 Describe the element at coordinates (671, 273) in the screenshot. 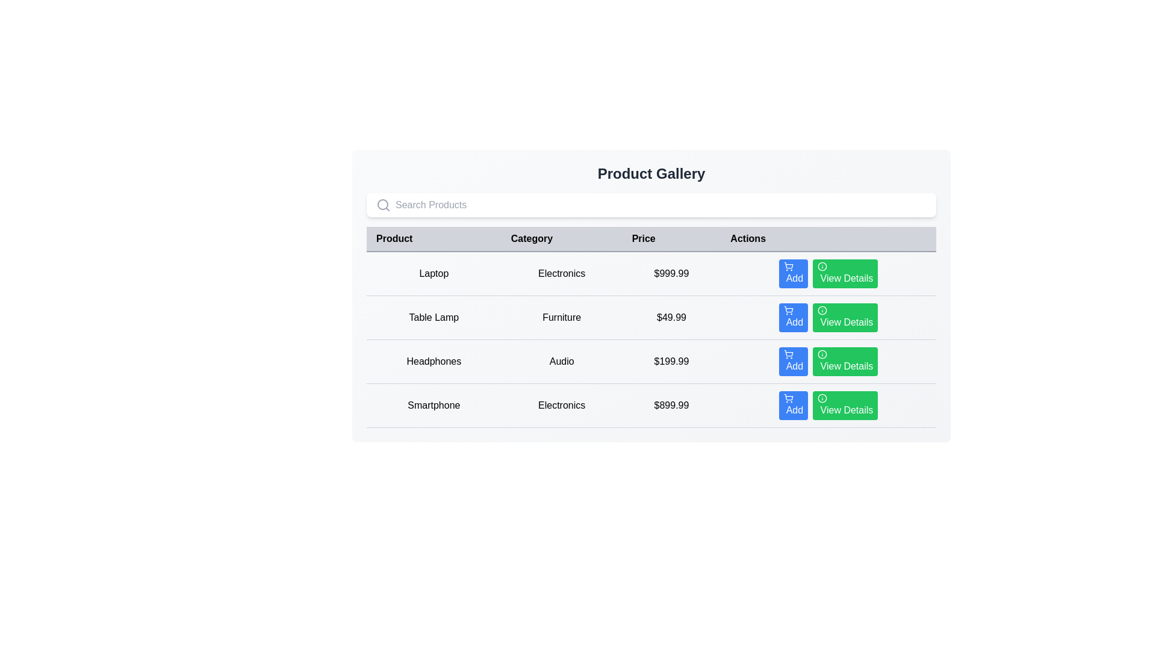

I see `the Price text display in the first row of the product table, which provides the price information for the 'Laptop' product` at that location.